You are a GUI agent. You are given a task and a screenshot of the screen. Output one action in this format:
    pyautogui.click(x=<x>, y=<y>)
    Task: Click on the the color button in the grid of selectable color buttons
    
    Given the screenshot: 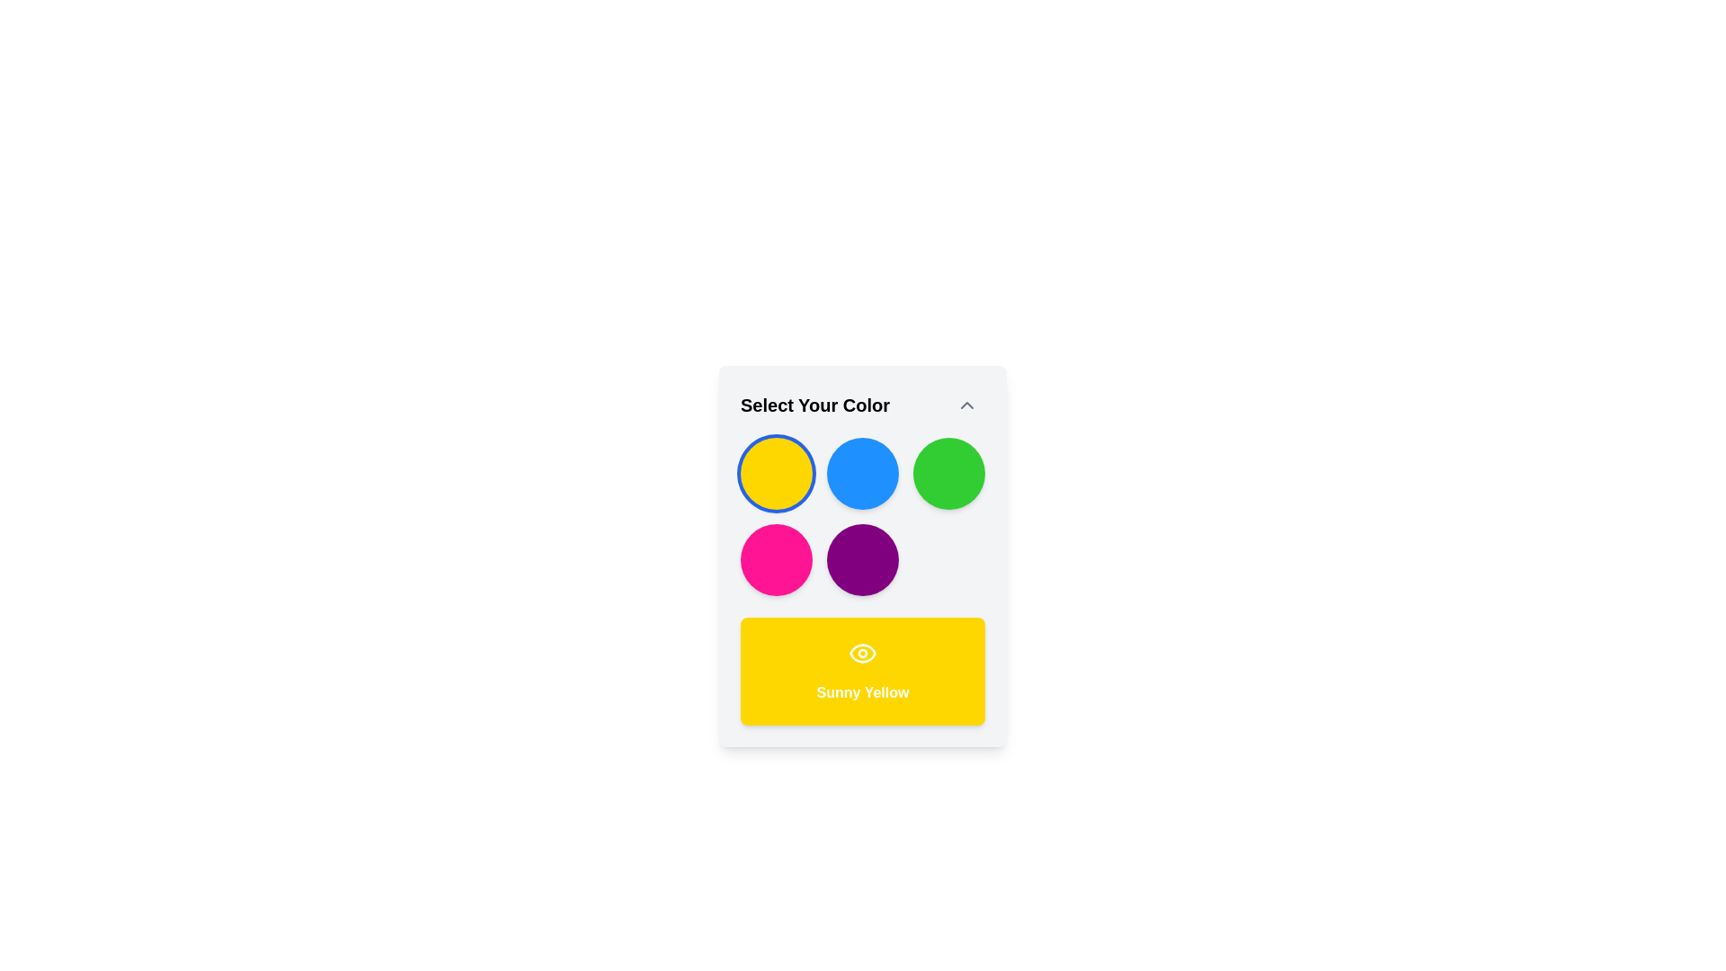 What is the action you would take?
    pyautogui.click(x=863, y=516)
    